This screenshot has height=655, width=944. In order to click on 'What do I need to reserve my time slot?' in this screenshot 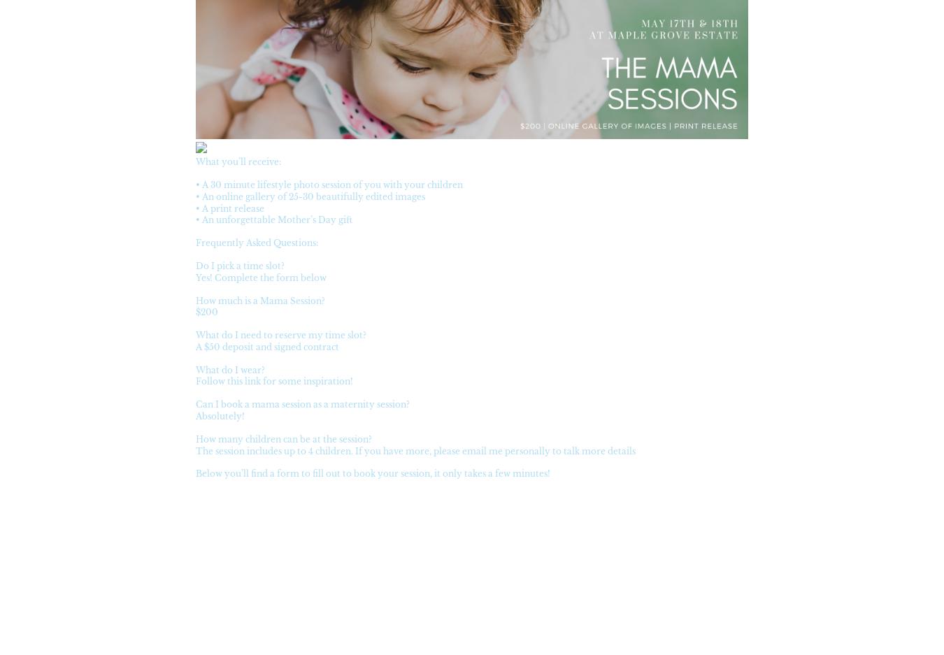, I will do `click(281, 335)`.